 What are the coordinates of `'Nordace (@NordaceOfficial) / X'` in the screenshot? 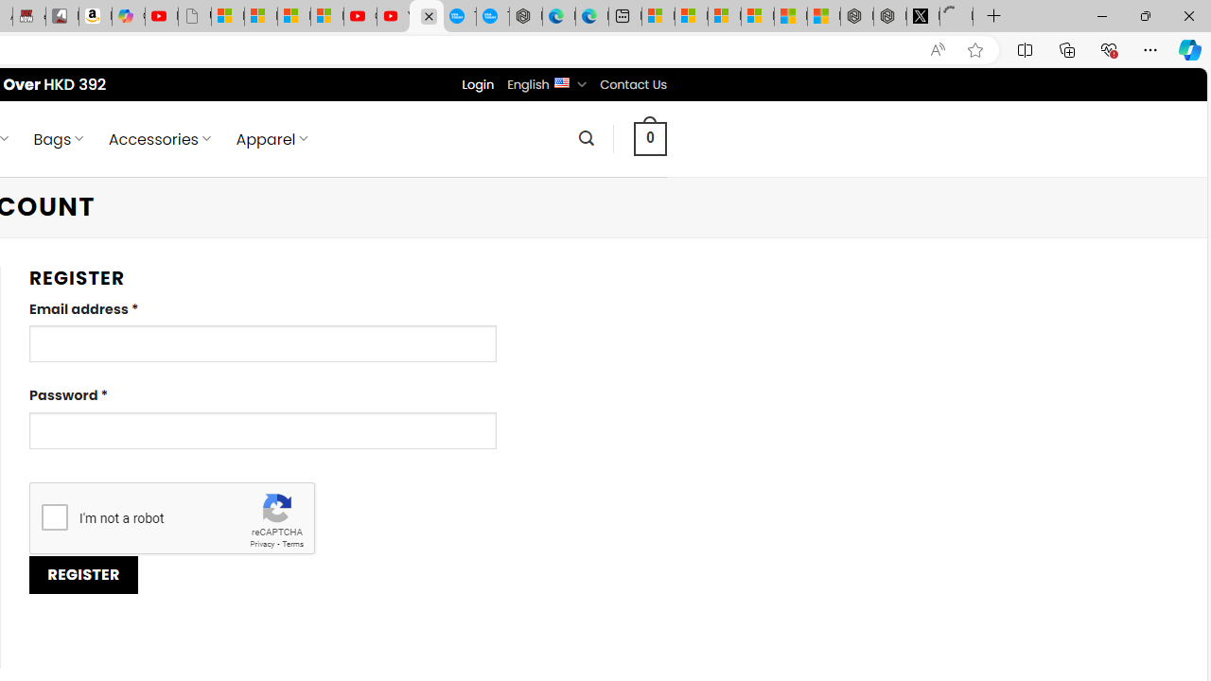 It's located at (923, 16).